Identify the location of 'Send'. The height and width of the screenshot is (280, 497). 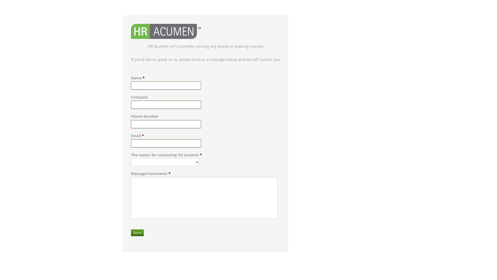
(137, 233).